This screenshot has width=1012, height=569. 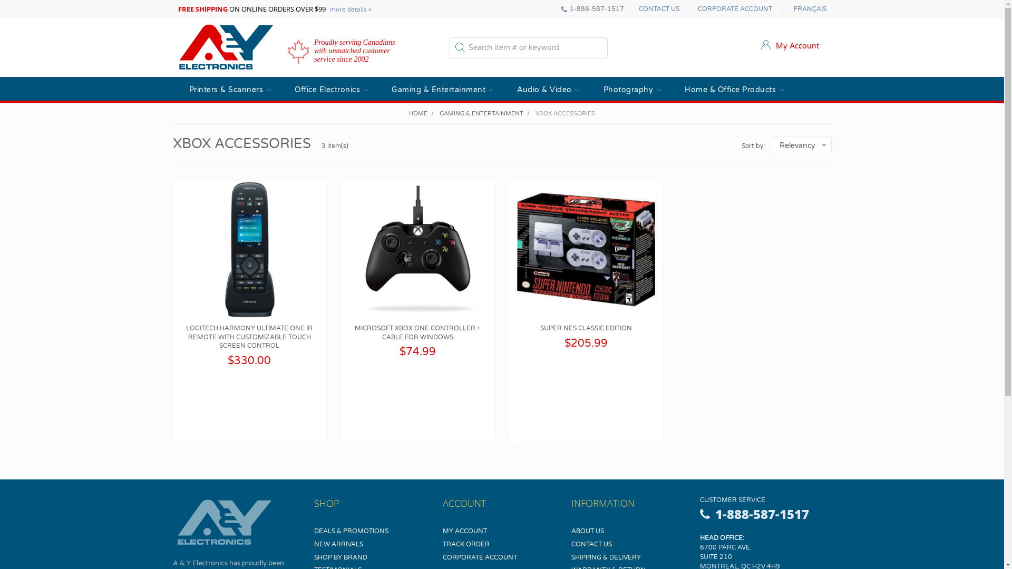 What do you see at coordinates (417, 114) in the screenshot?
I see `'HOME'` at bounding box center [417, 114].